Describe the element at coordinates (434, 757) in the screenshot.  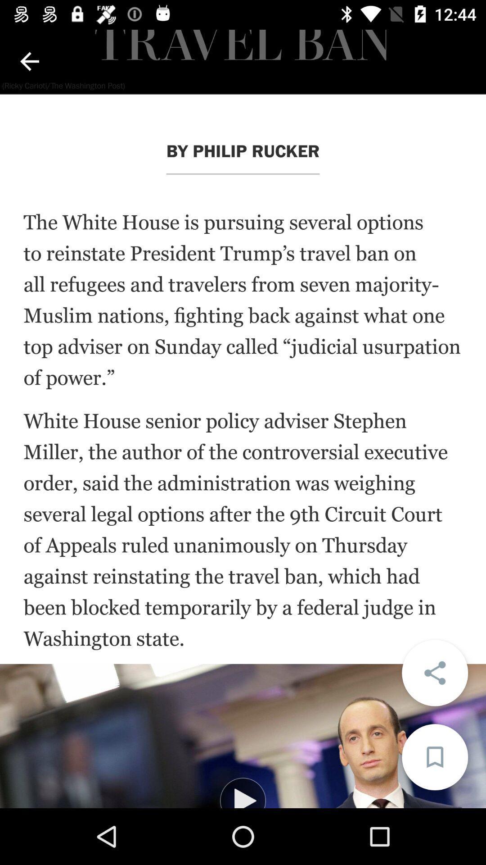
I see `the bookmark icon` at that location.